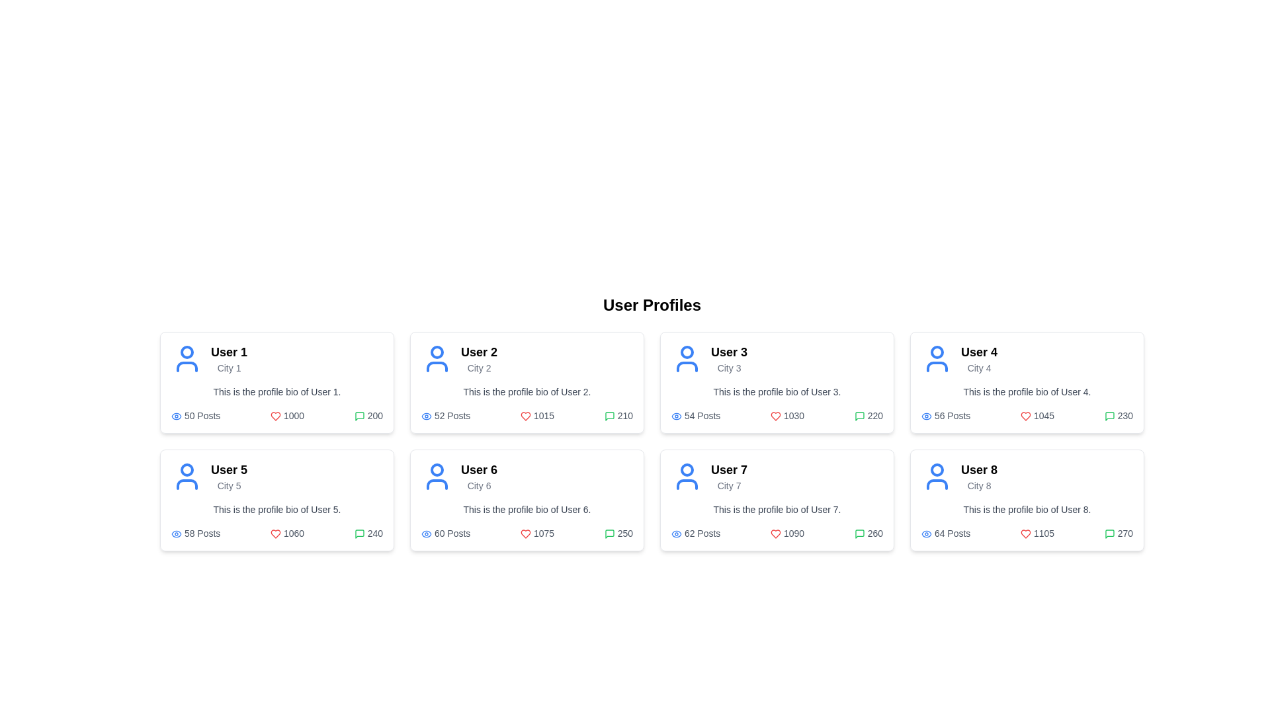  What do you see at coordinates (478, 351) in the screenshot?
I see `the title text element representing User 2, which is prominently displayed in the second card of the top row, to the right of a user icon and above 'City 2'` at bounding box center [478, 351].